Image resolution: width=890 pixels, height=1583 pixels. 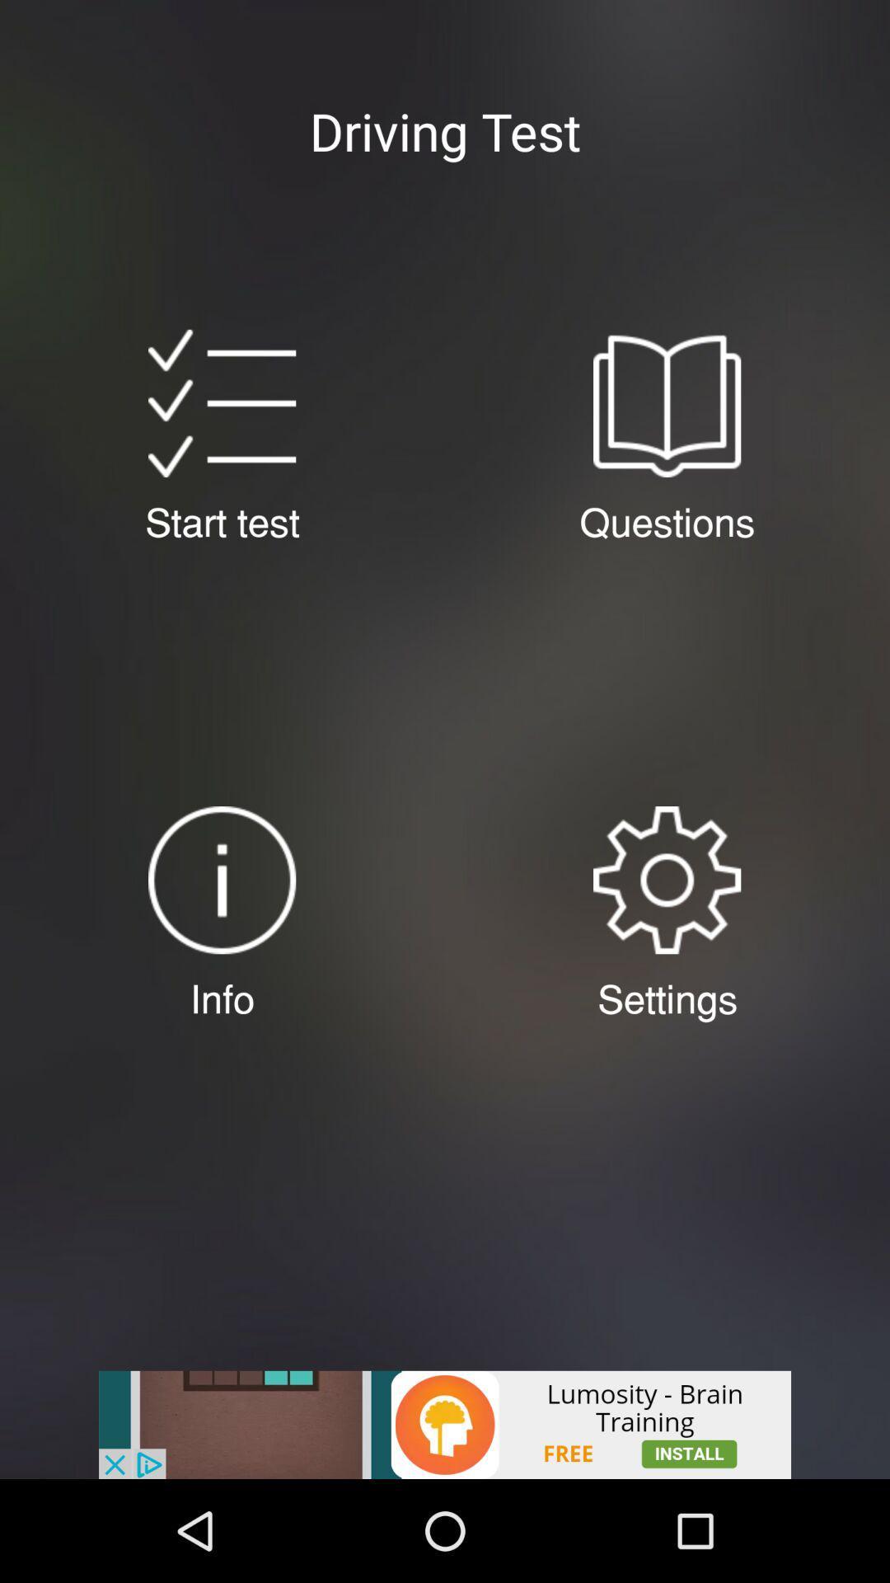 What do you see at coordinates (445, 1424) in the screenshot?
I see `advertisement` at bounding box center [445, 1424].